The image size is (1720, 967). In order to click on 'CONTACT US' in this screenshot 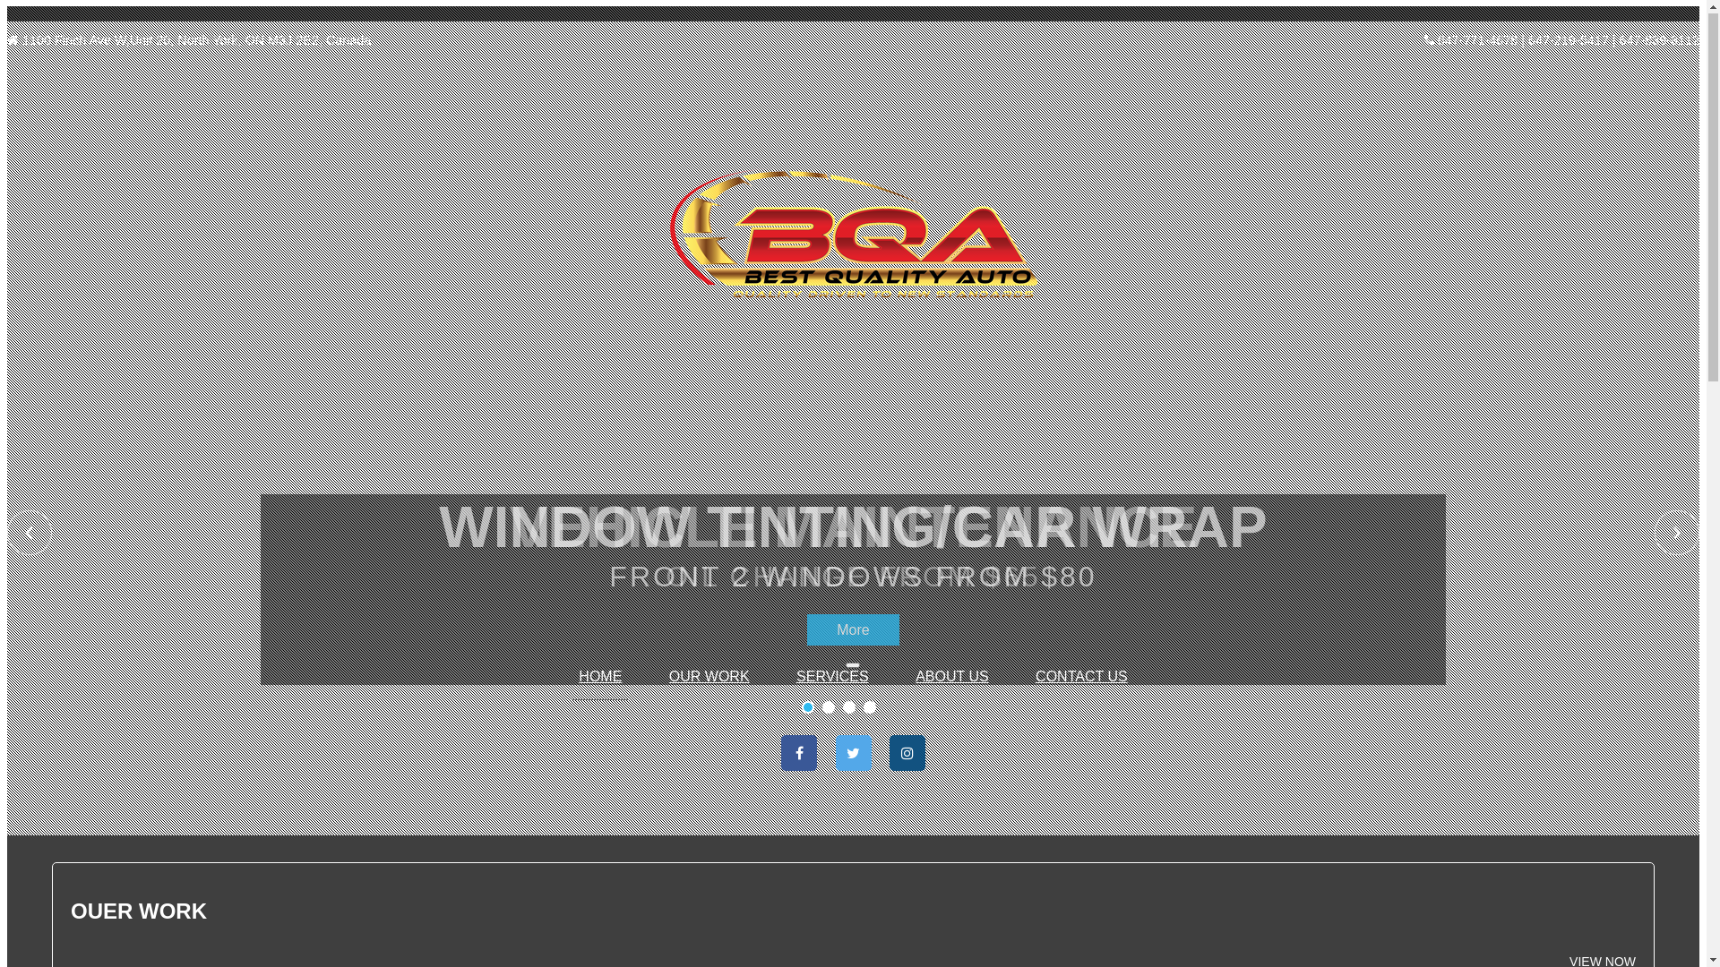, I will do `click(1028, 677)`.